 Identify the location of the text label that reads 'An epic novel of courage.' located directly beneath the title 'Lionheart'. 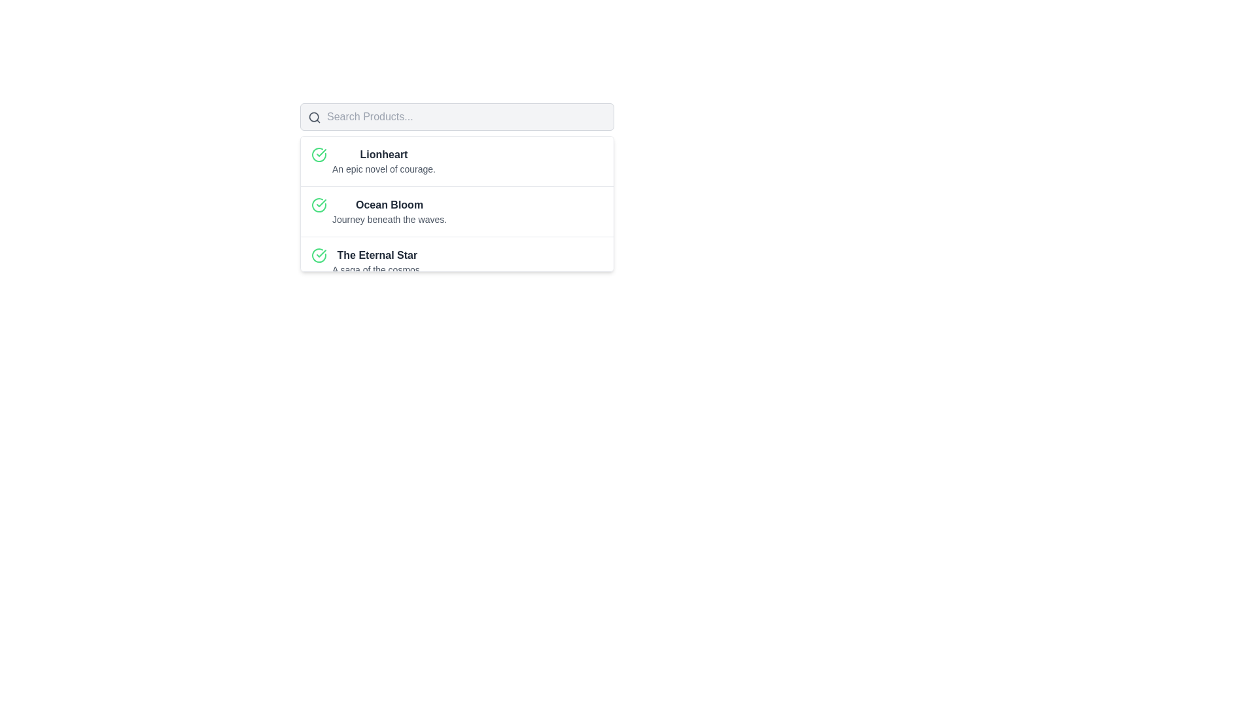
(383, 168).